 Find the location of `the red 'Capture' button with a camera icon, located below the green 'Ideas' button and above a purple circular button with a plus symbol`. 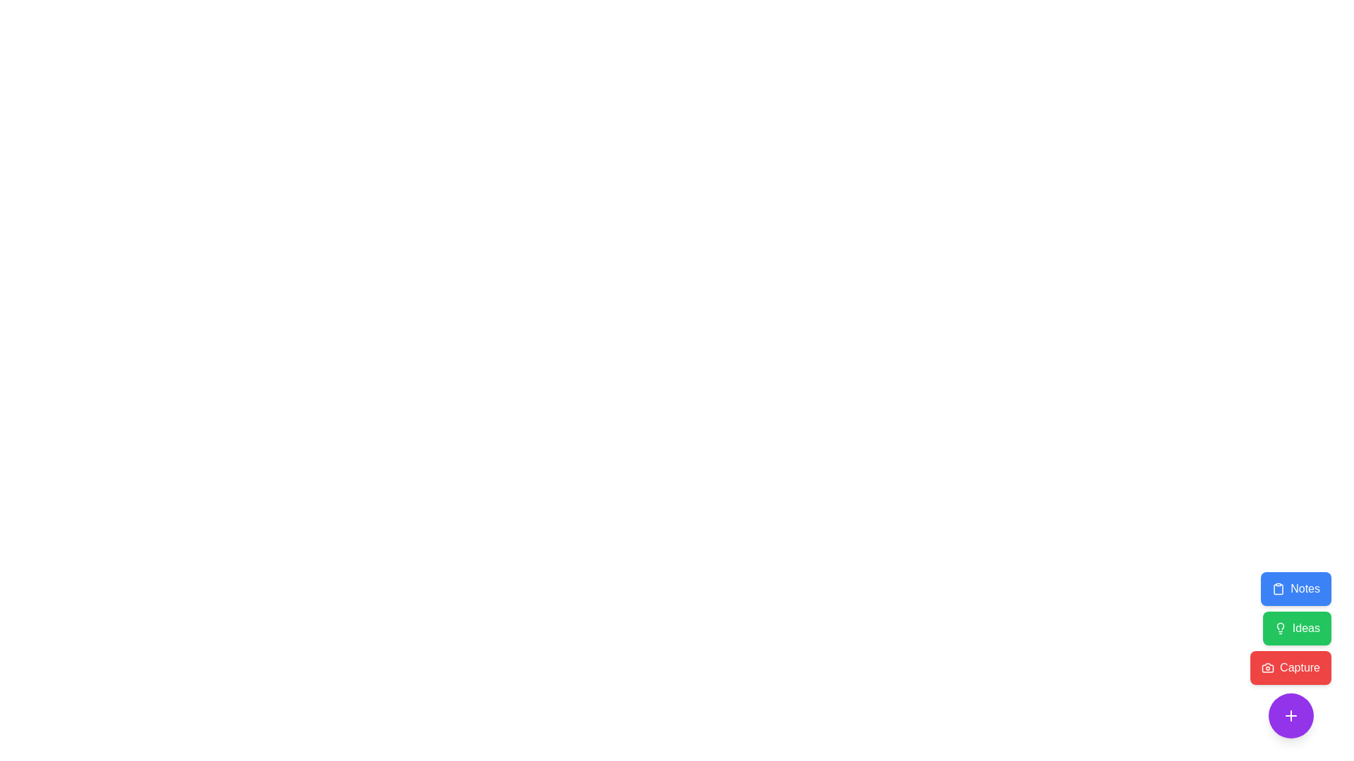

the red 'Capture' button with a camera icon, located below the green 'Ideas' button and above a purple circular button with a plus symbol is located at coordinates (1291, 667).